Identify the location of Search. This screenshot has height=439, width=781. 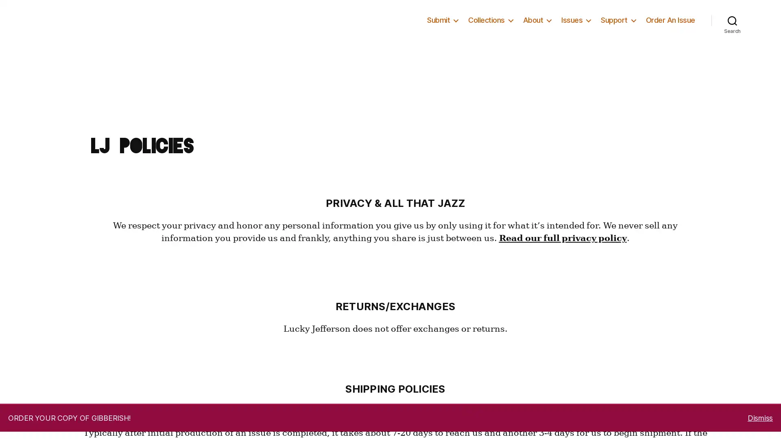
(732, 47).